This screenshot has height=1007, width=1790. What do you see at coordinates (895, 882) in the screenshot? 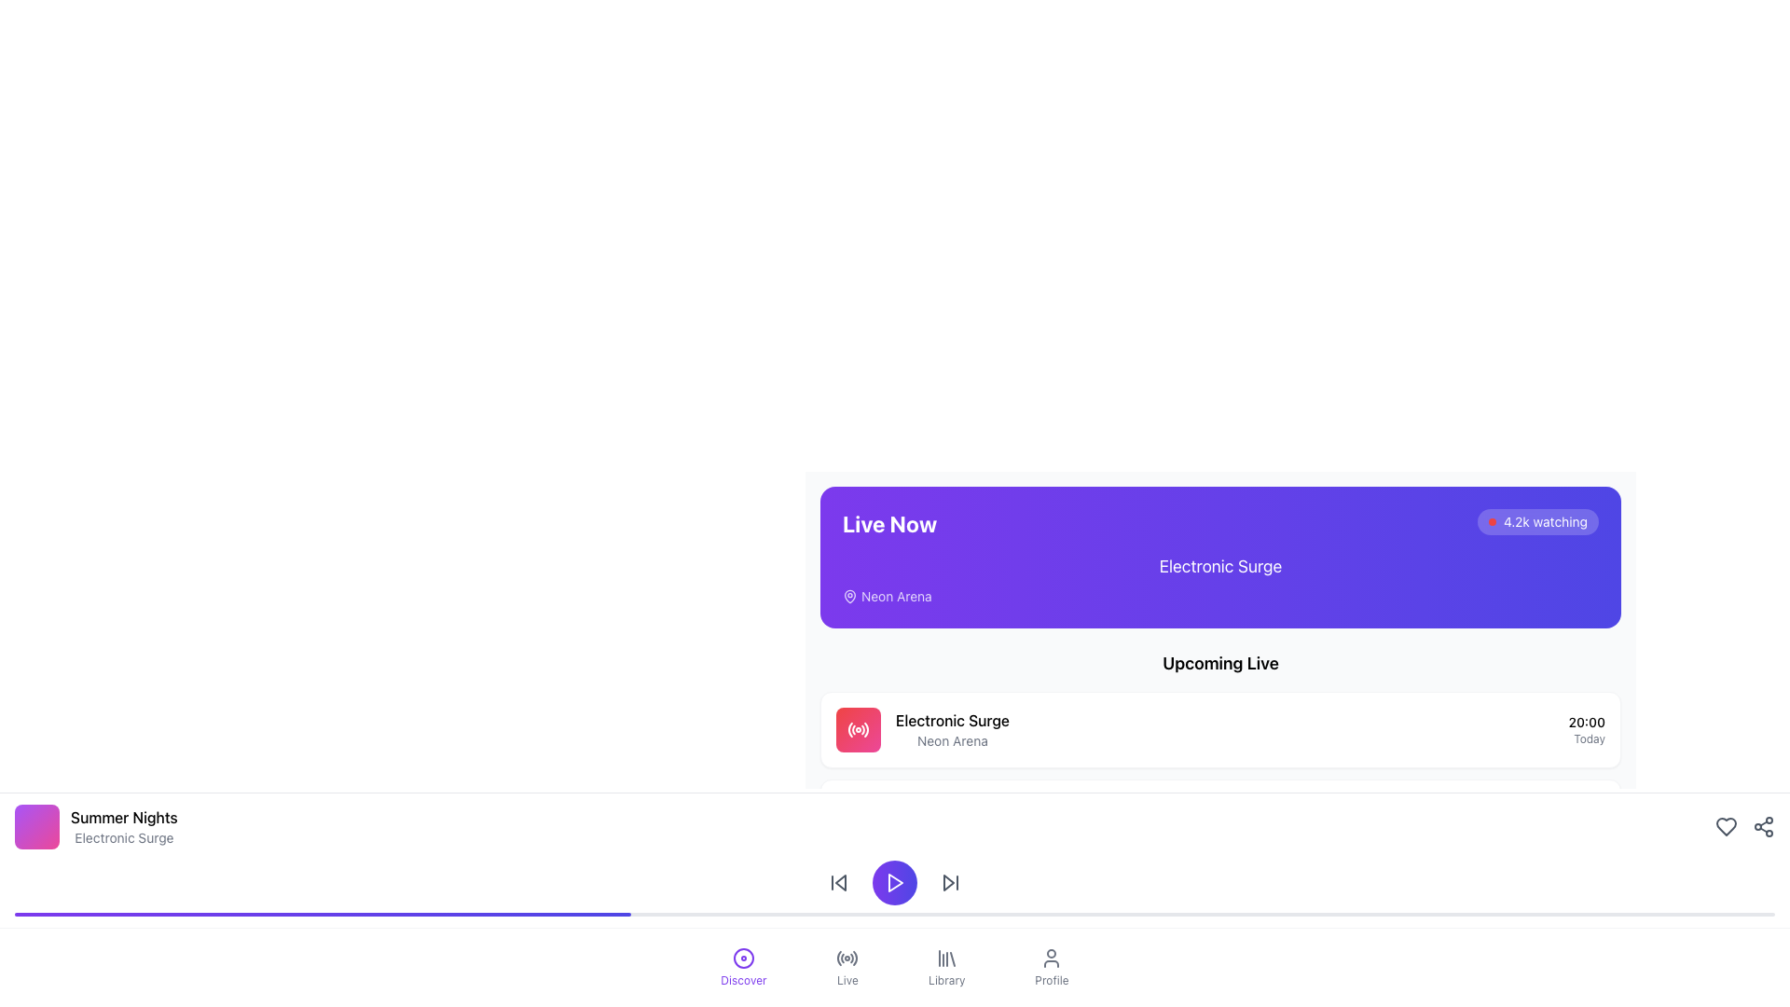
I see `the circular button with a gradient background transitioning from violet to indigo that contains a white play icon to play media` at bounding box center [895, 882].